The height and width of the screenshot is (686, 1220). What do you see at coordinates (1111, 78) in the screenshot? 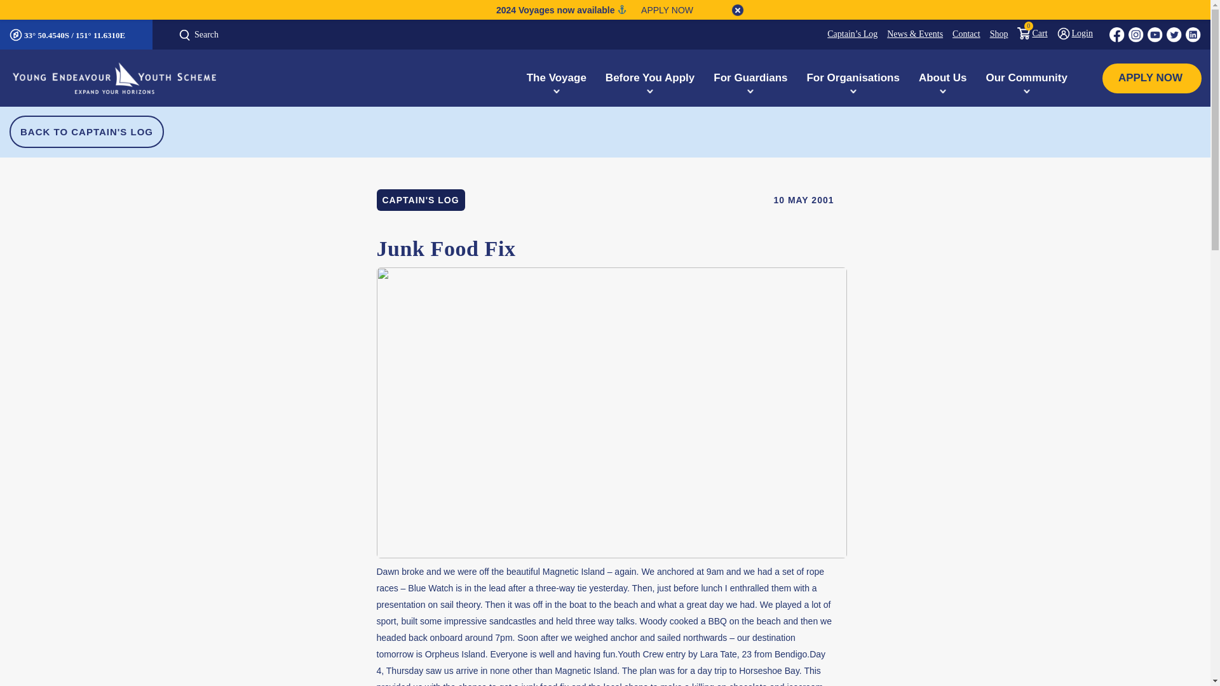
I see `'APPLY NOW'` at bounding box center [1111, 78].